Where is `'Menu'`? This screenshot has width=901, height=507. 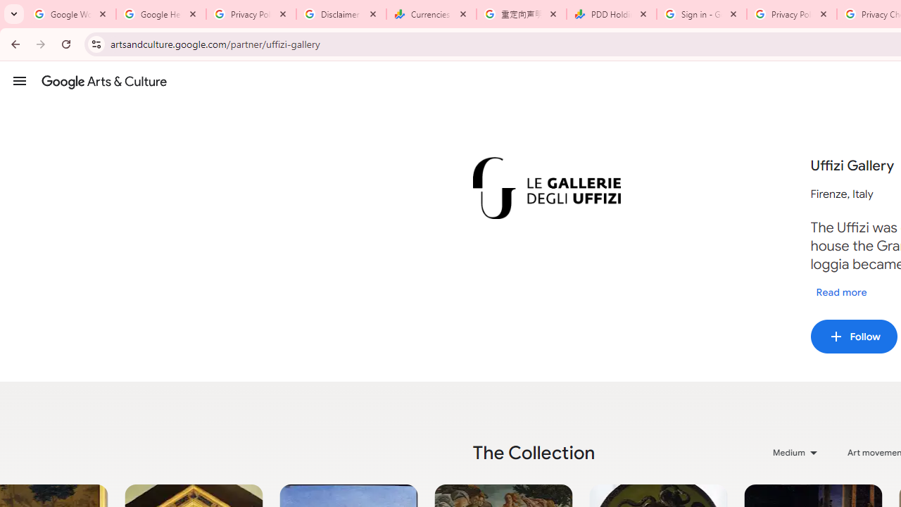
'Menu' is located at coordinates (20, 80).